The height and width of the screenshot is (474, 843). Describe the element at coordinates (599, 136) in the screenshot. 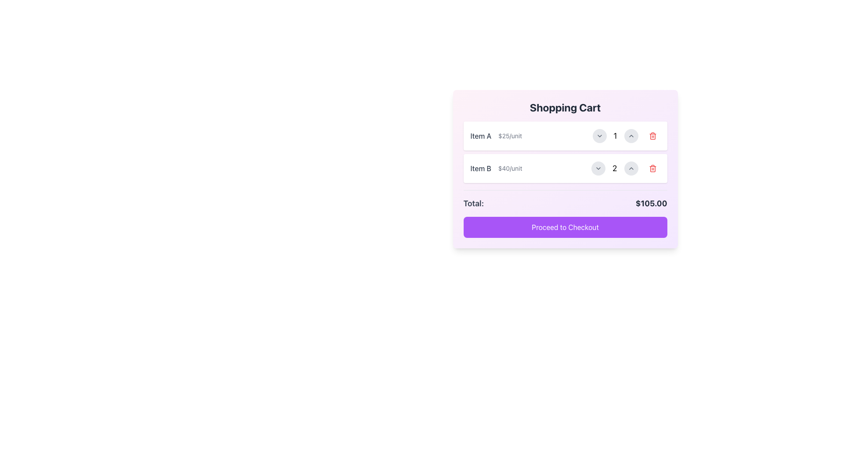

I see `the dropdown button located in the shopping cart interface, positioned to the left of the quantity '1'` at that location.